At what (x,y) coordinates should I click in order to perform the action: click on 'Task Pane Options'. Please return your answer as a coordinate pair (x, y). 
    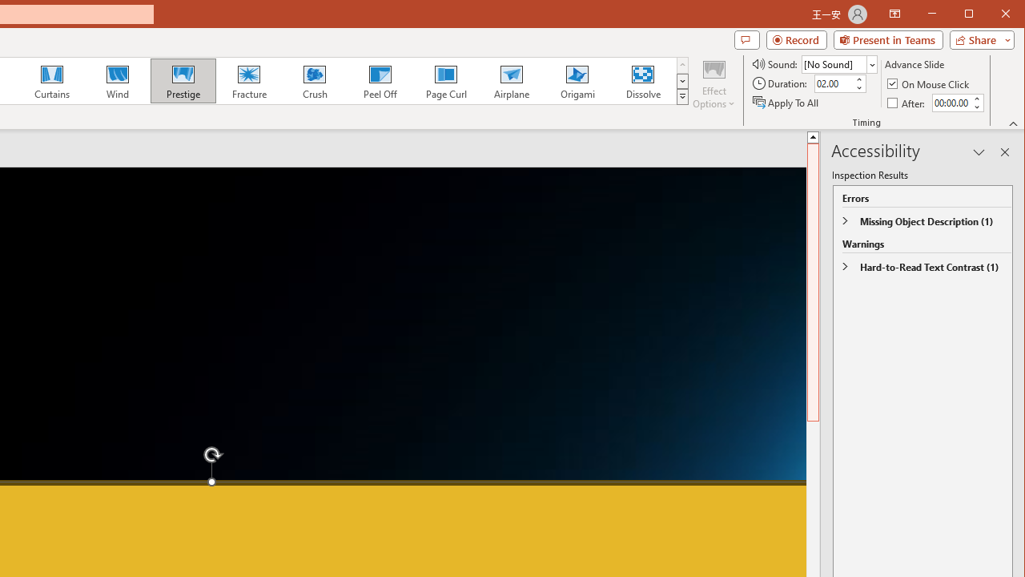
    Looking at the image, I should click on (979, 152).